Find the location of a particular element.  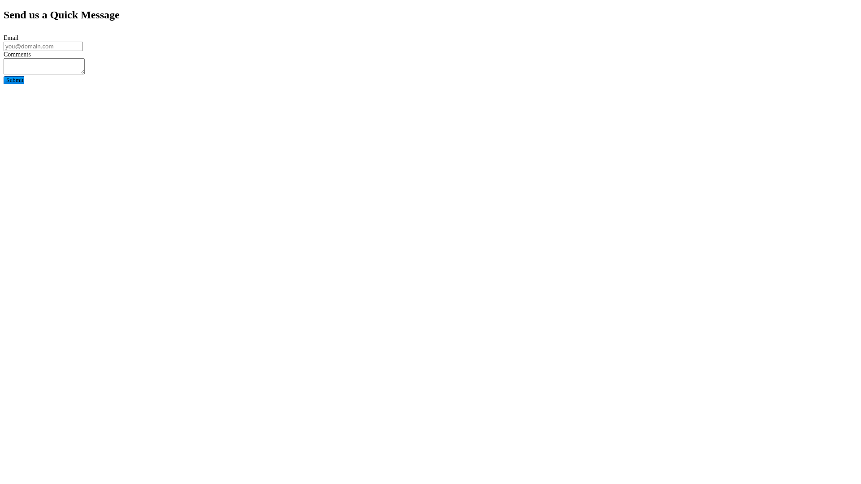

'Submit' is located at coordinates (13, 79).